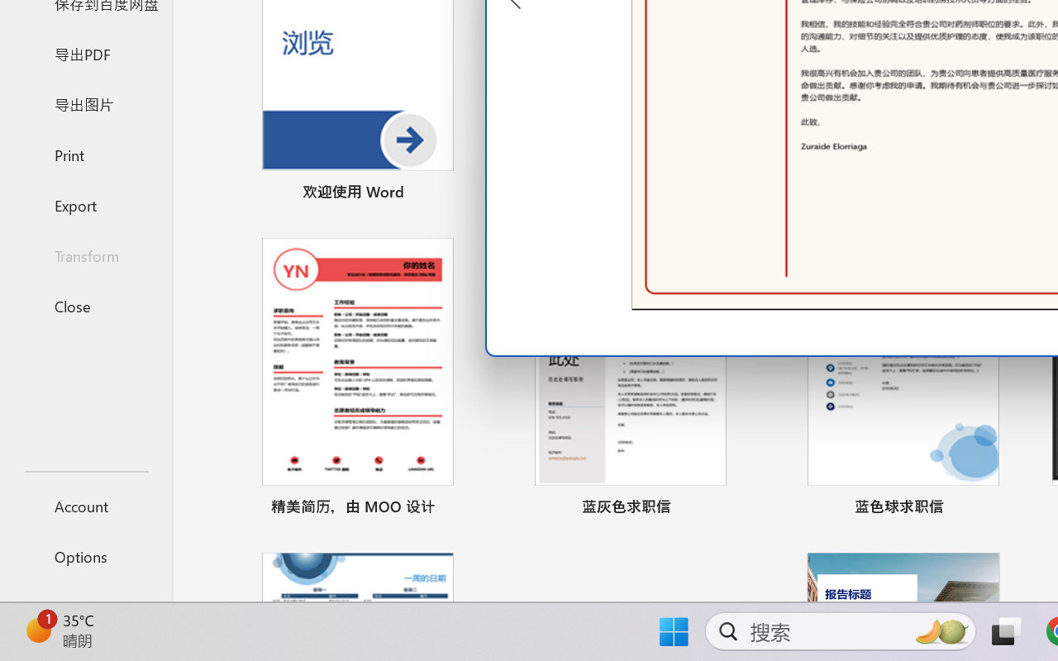 Image resolution: width=1058 pixels, height=661 pixels. I want to click on 'Pin to list', so click(1010, 509).